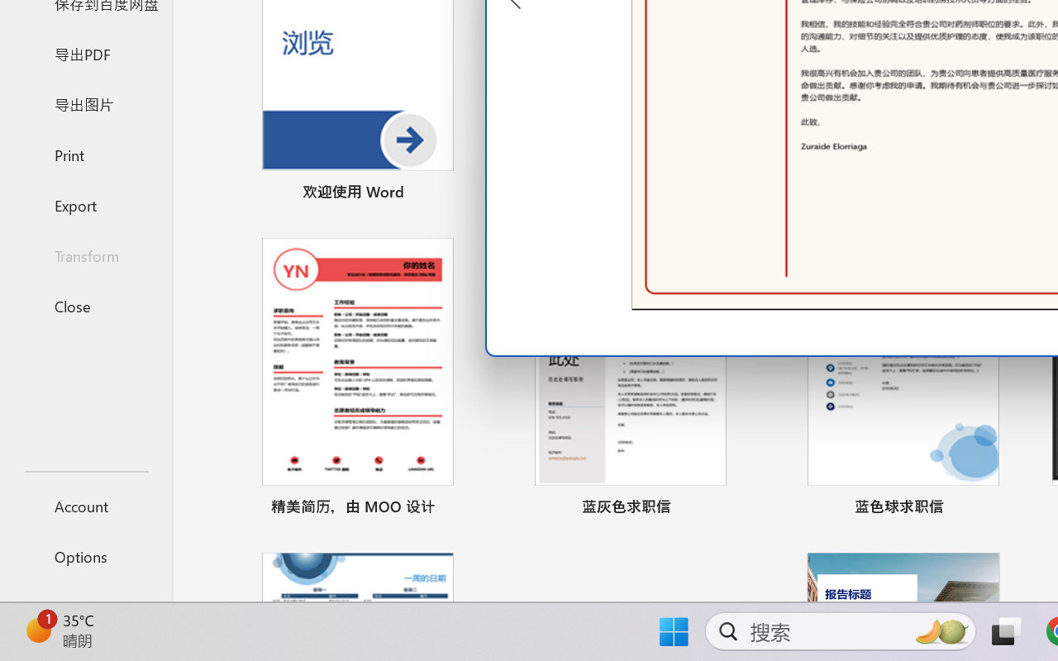 Image resolution: width=1058 pixels, height=661 pixels. I want to click on 'Pin to list', so click(1010, 509).